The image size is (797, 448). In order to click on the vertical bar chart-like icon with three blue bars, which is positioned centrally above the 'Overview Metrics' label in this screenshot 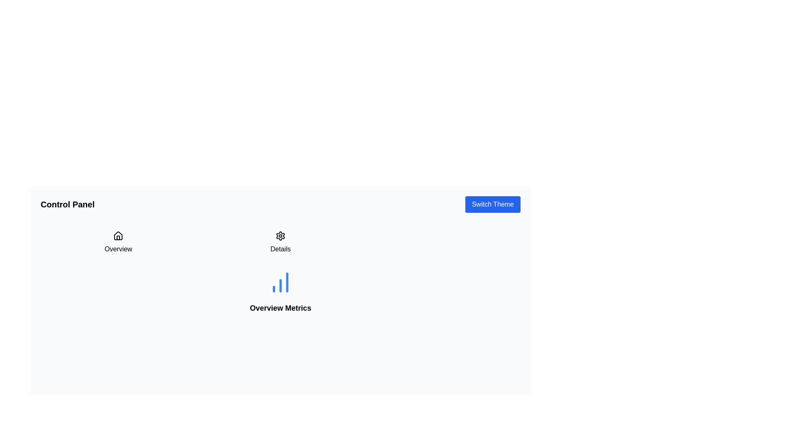, I will do `click(281, 282)`.